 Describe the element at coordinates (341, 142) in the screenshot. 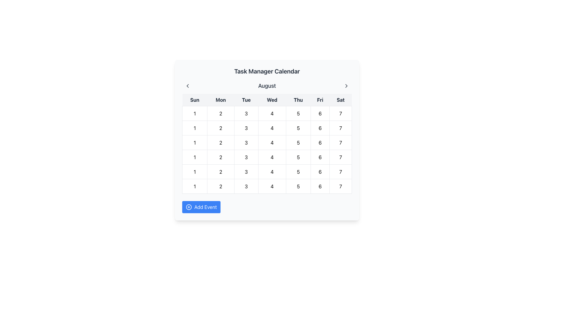

I see `the text label displaying the number '7' in the last column (Saturday) of the calendar grid, specifically in the second row` at that location.